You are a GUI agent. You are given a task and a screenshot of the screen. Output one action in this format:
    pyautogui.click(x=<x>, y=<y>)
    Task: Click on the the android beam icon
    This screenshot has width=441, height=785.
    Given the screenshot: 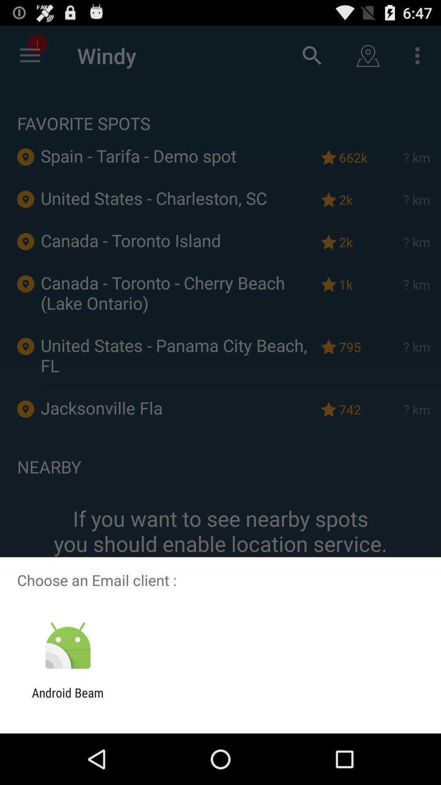 What is the action you would take?
    pyautogui.click(x=67, y=700)
    